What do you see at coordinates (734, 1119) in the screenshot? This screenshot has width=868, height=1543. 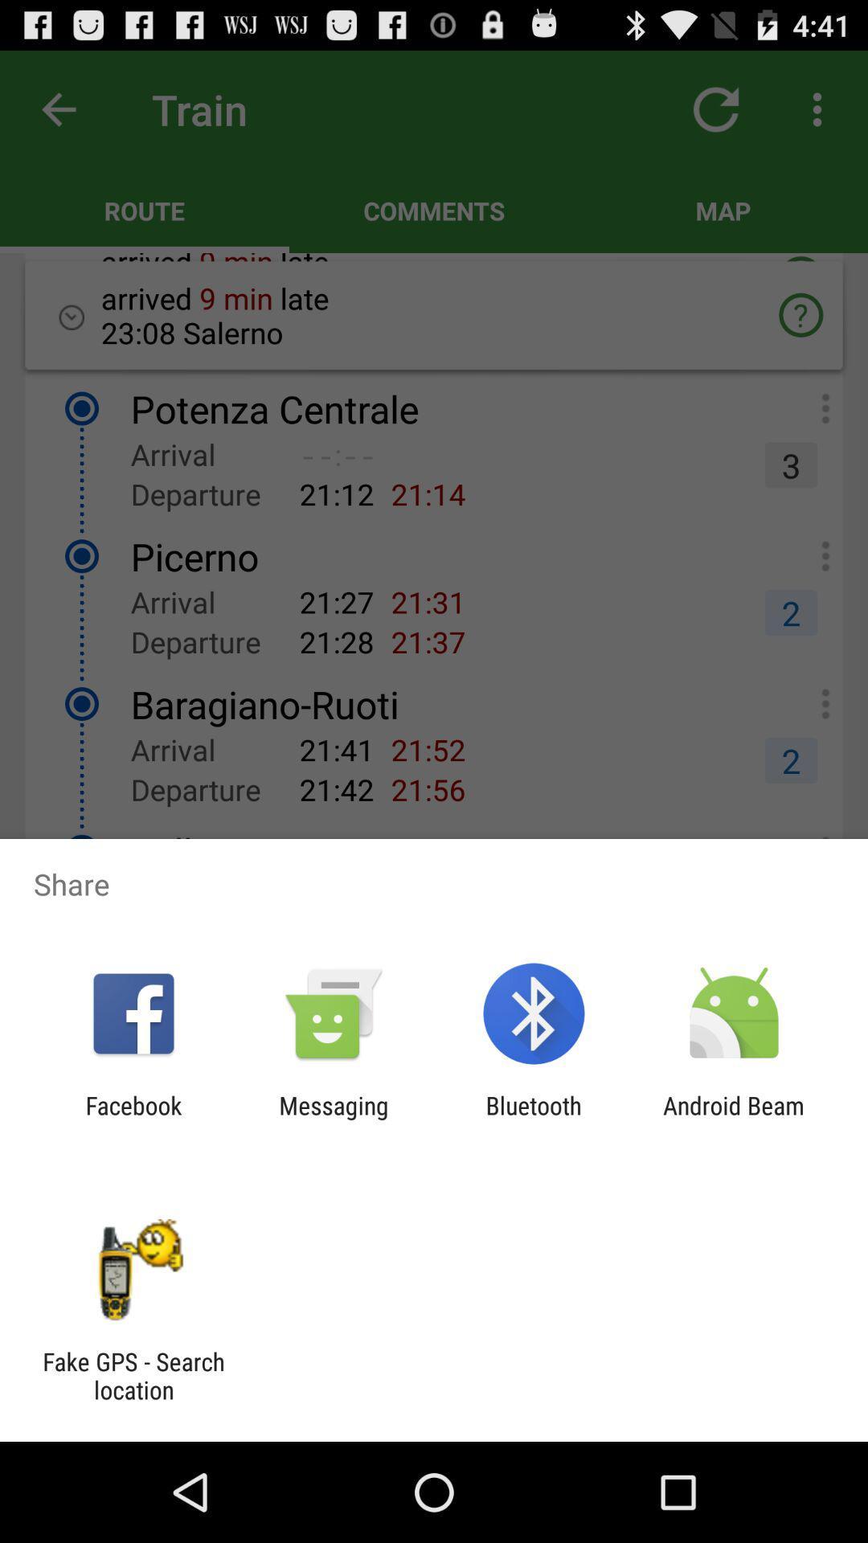 I see `the android beam` at bounding box center [734, 1119].